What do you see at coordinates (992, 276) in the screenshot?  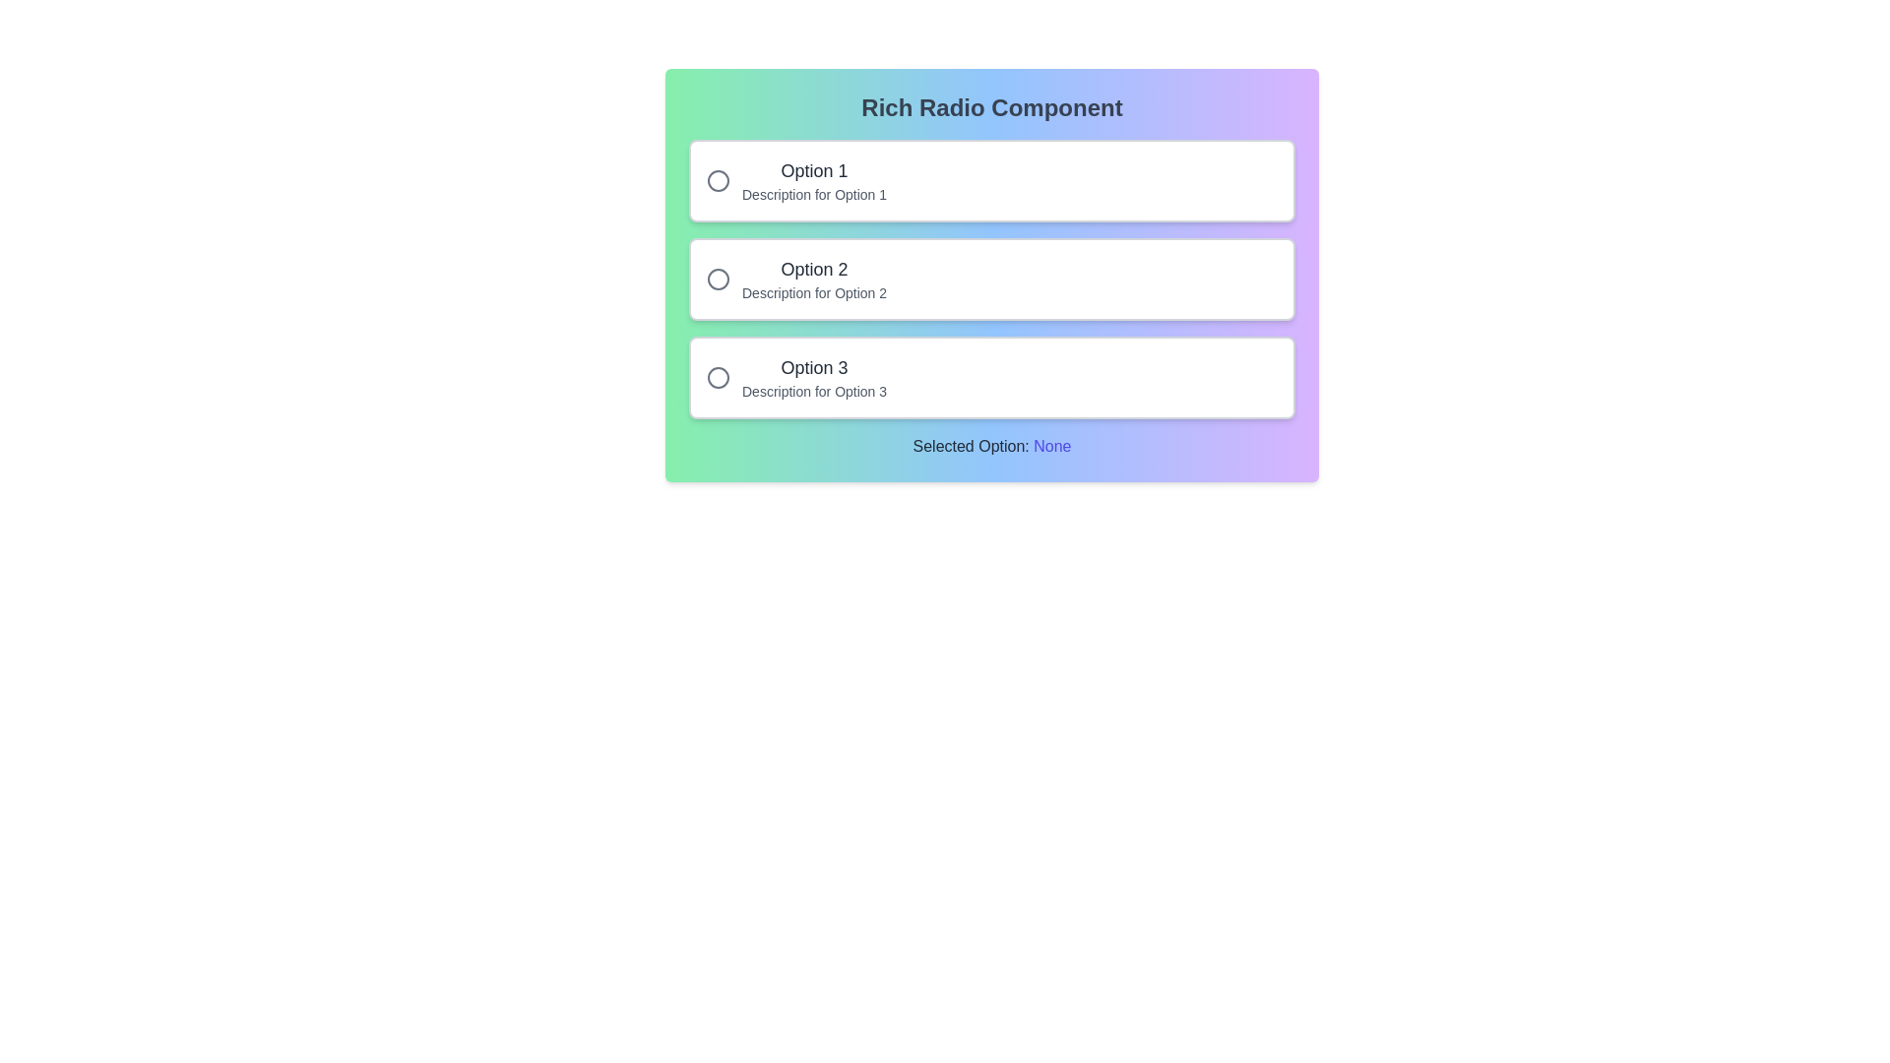 I see `the Interactive radio button group labeled 'Rich Radio Component'` at bounding box center [992, 276].